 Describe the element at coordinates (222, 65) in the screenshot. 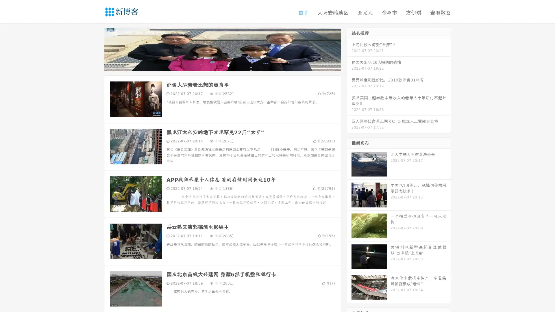

I see `Go to slide 2` at that location.